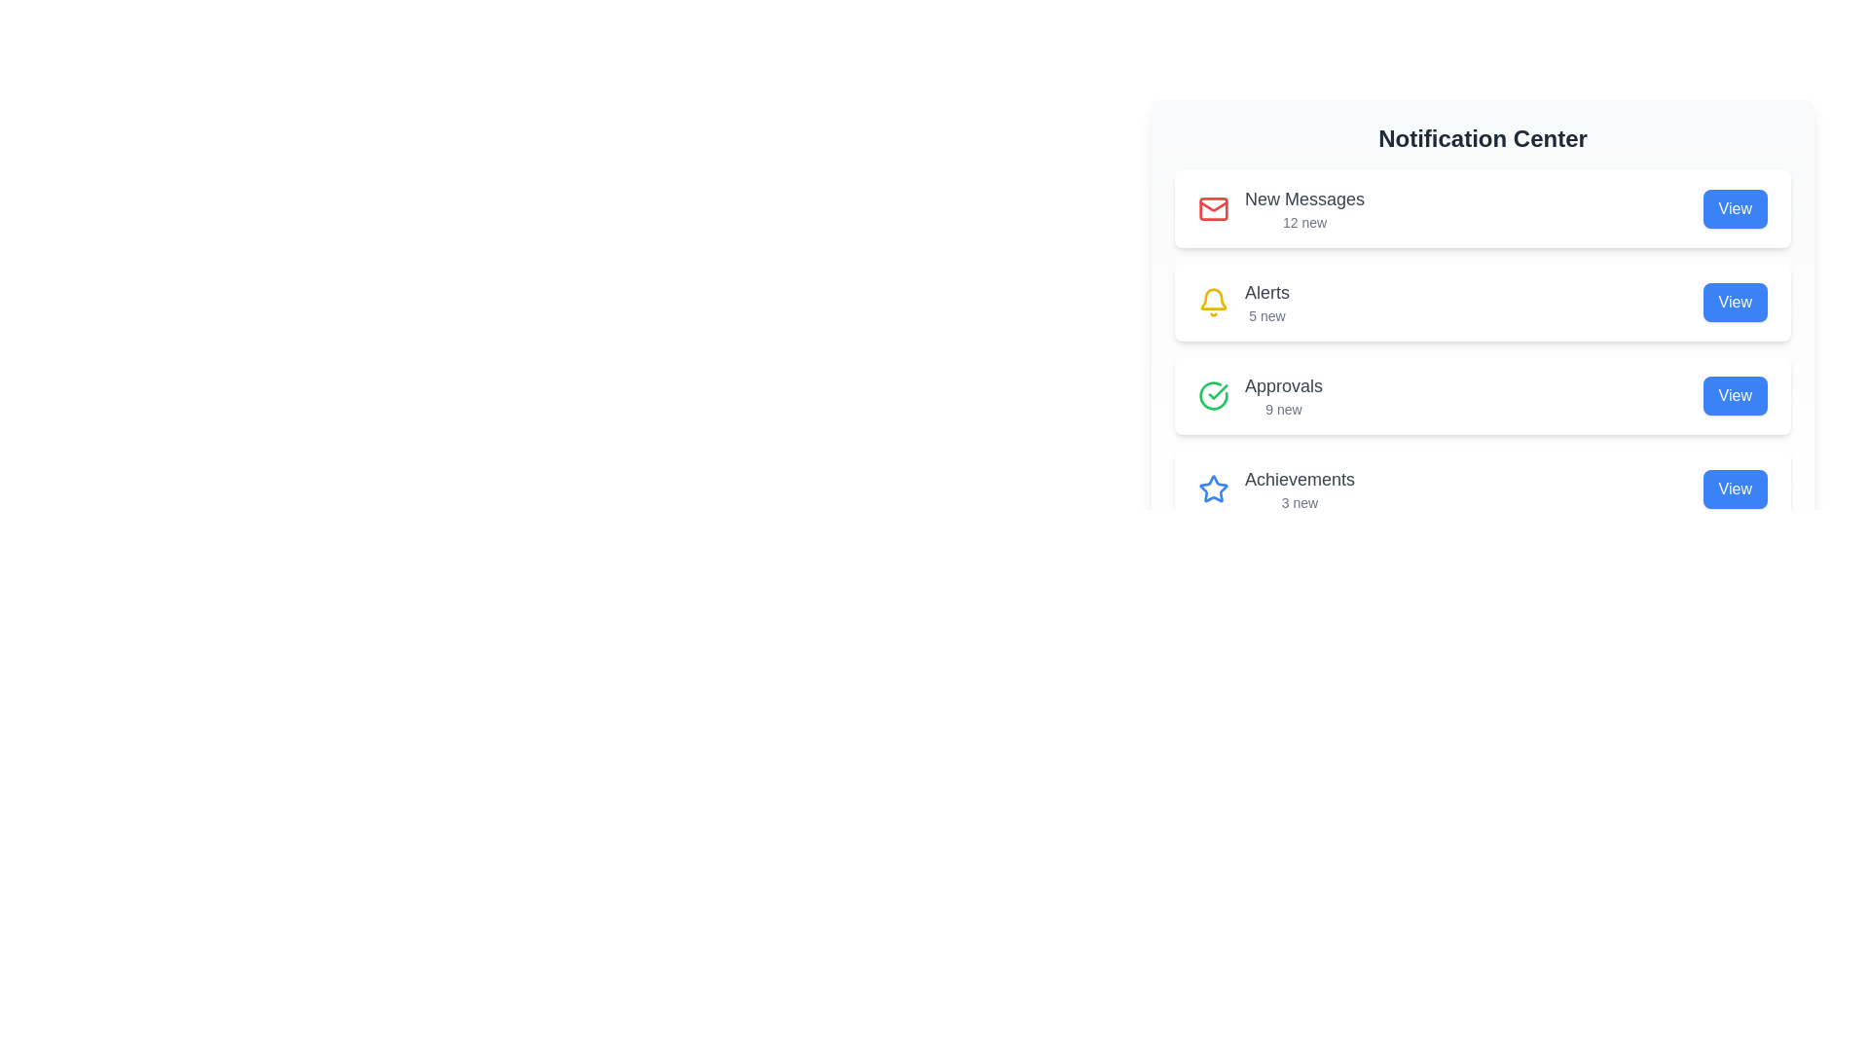 Image resolution: width=1869 pixels, height=1051 pixels. I want to click on the Text Label displaying '12 new', which is positioned below the 'New Messages' text in the notification section, so click(1304, 221).